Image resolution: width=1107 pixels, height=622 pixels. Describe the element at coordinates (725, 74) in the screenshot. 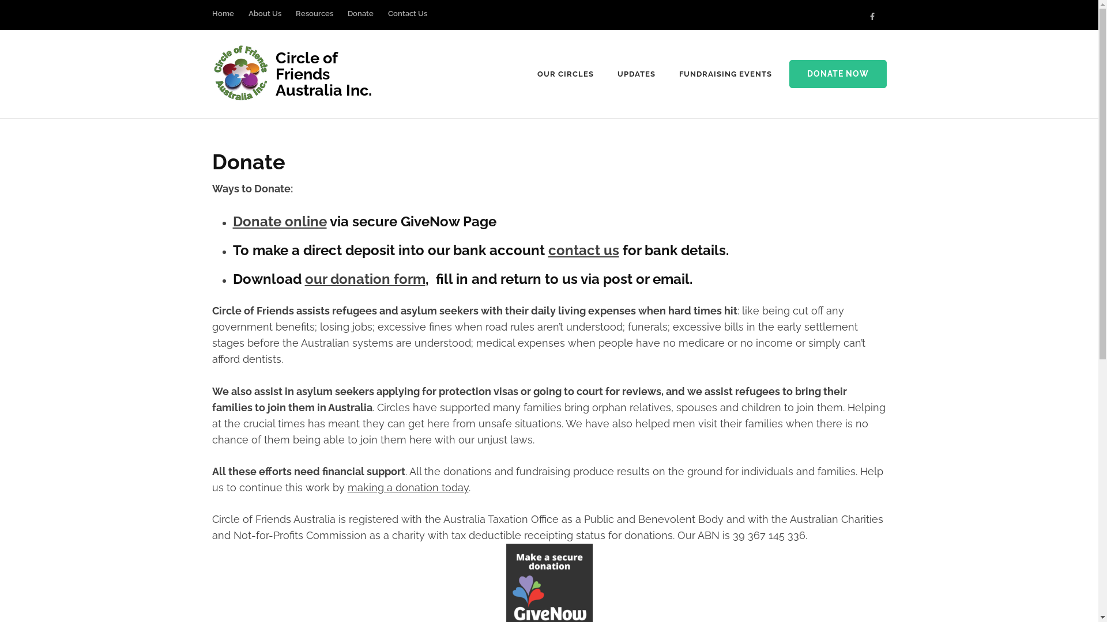

I see `'FUNDRAISING EVENTS'` at that location.